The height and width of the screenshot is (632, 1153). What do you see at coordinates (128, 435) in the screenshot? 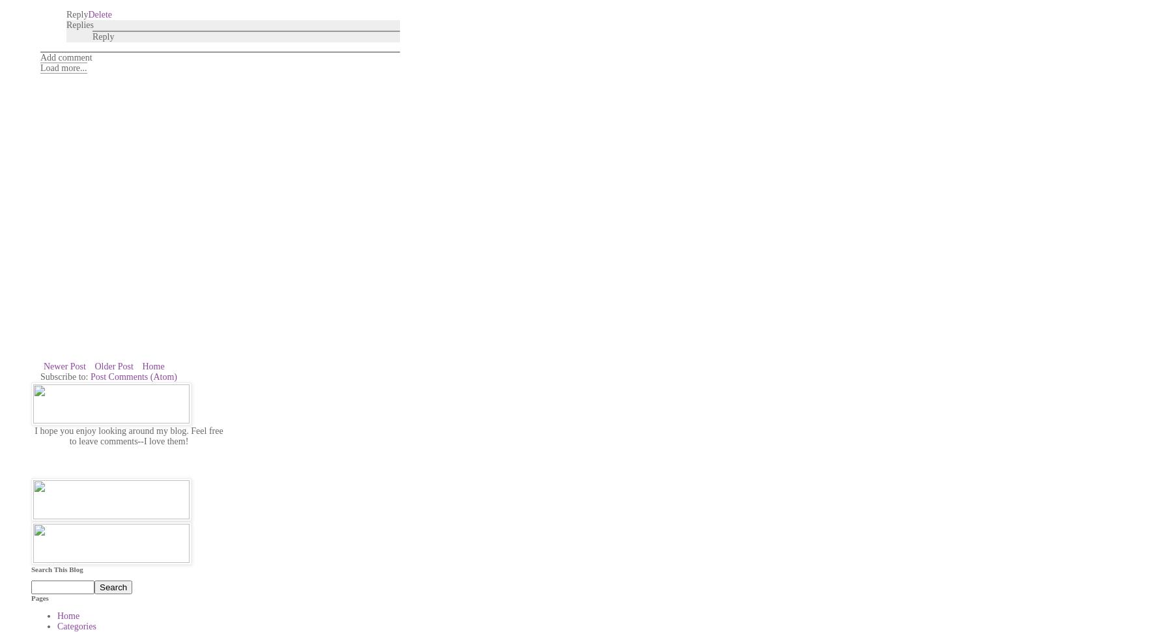
I see `'I hope you enjoy looking around my blog.  Feel free to leave comments--I love  them!'` at bounding box center [128, 435].